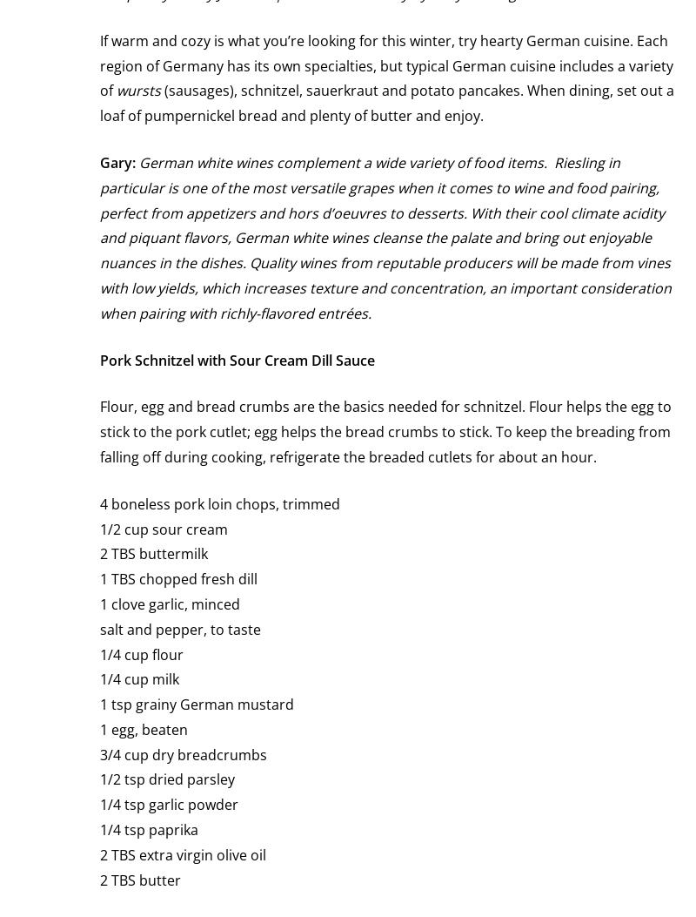 This screenshot has width=696, height=917. What do you see at coordinates (163, 528) in the screenshot?
I see `'1/2 cup sour cream'` at bounding box center [163, 528].